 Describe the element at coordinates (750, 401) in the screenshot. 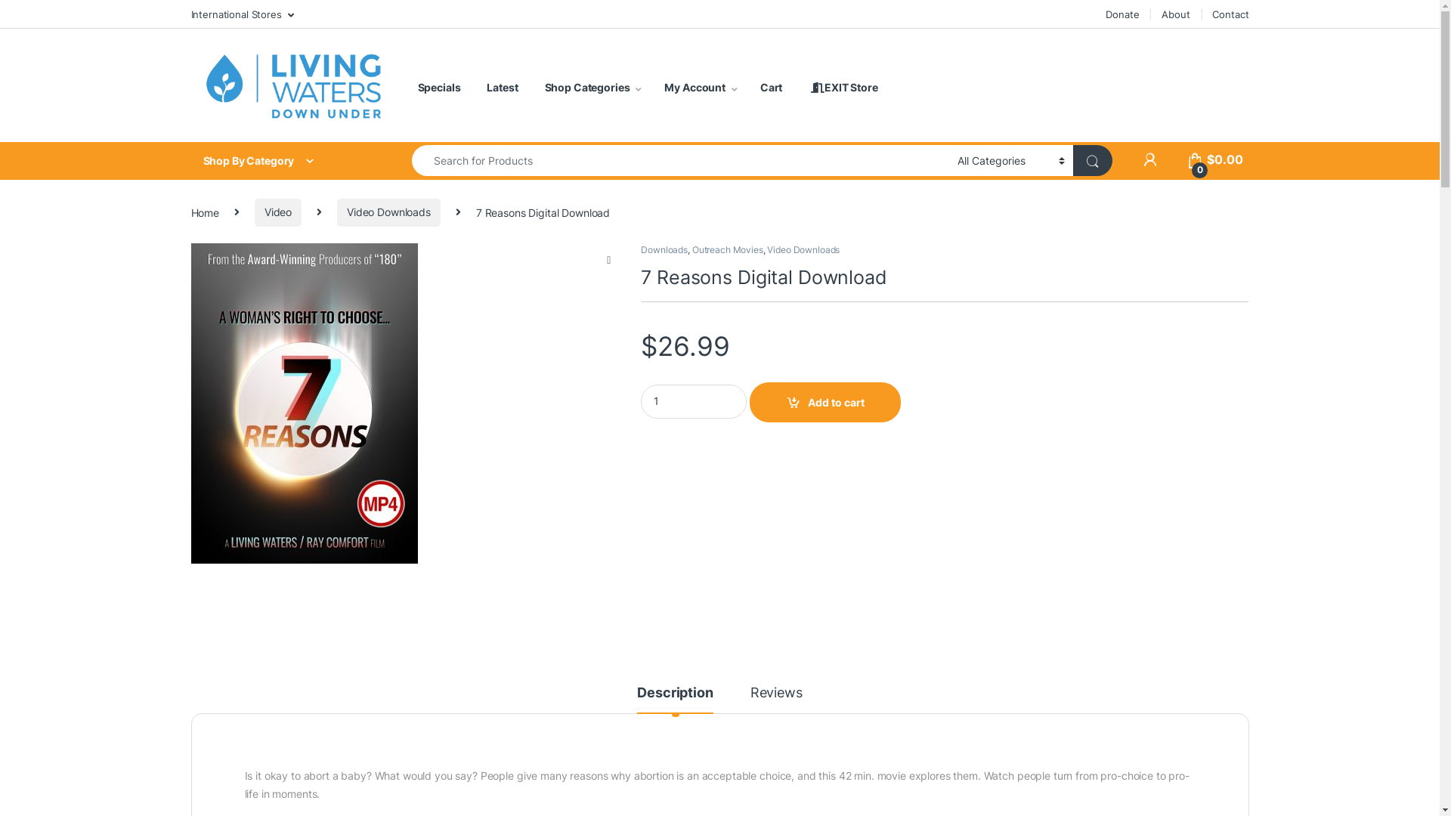

I see `'Add to cart'` at that location.